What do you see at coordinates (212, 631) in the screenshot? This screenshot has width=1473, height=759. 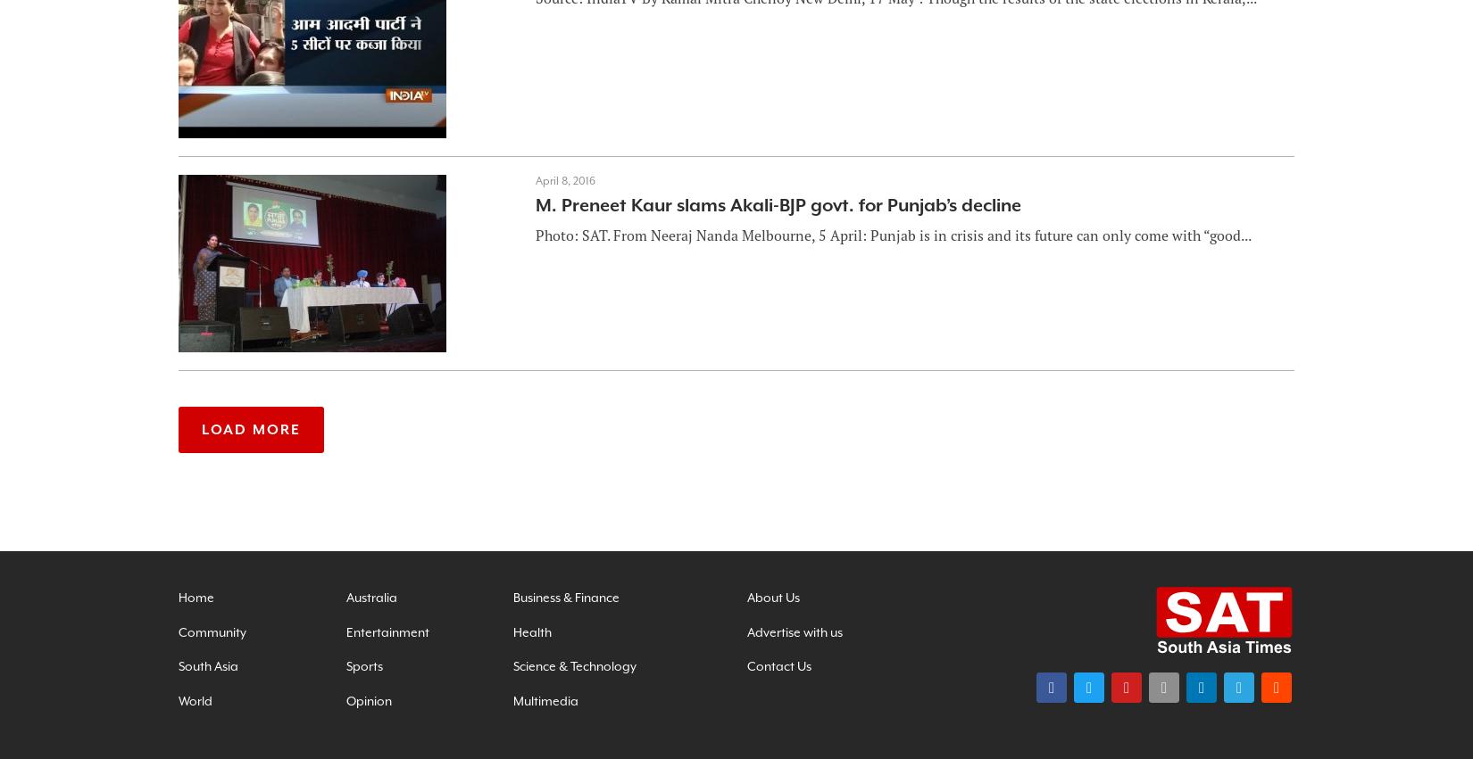 I see `'Community'` at bounding box center [212, 631].